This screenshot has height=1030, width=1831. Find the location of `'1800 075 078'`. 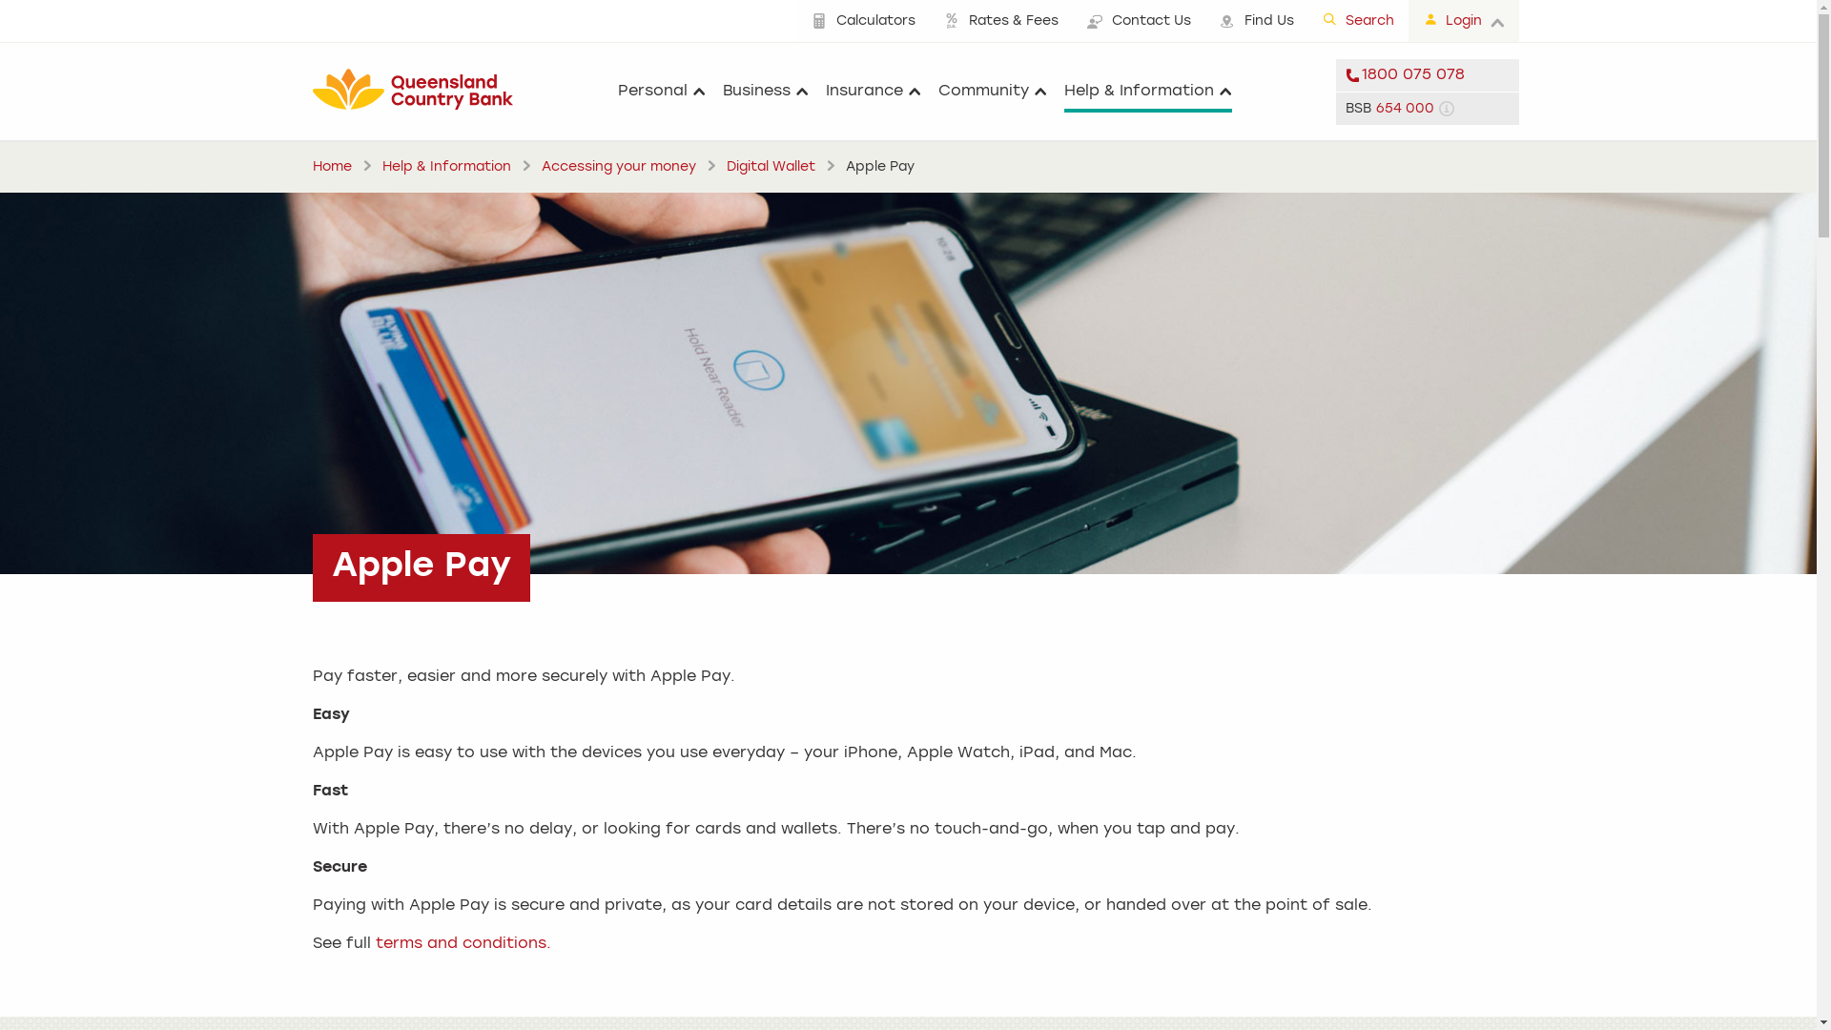

'1800 075 078' is located at coordinates (1427, 73).